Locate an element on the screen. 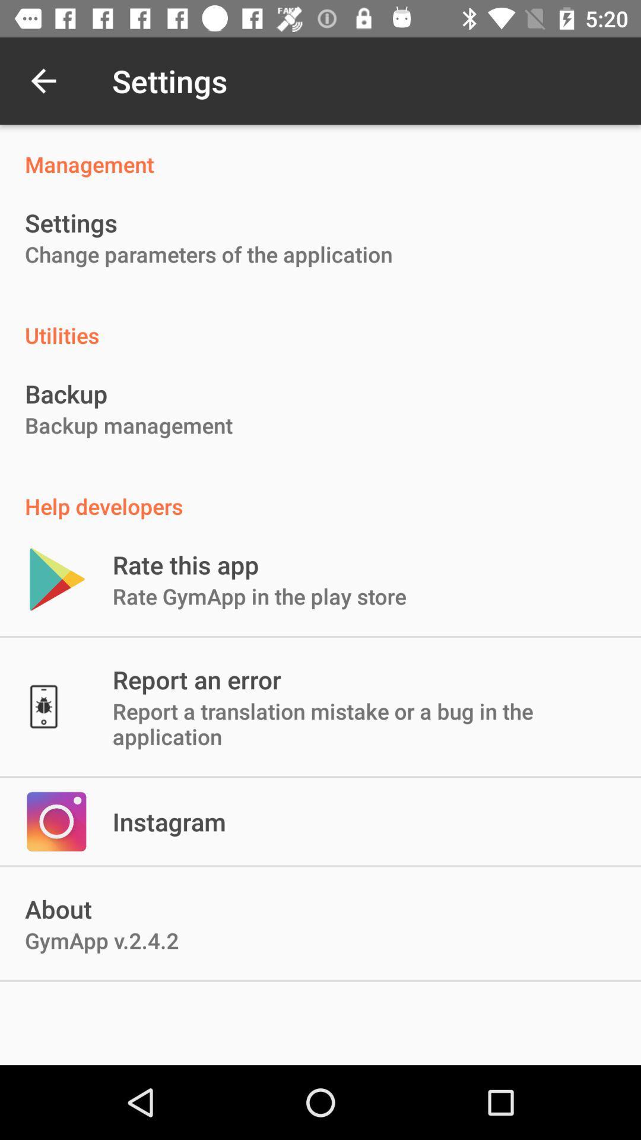 Image resolution: width=641 pixels, height=1140 pixels. the item below settings icon is located at coordinates (208, 254).